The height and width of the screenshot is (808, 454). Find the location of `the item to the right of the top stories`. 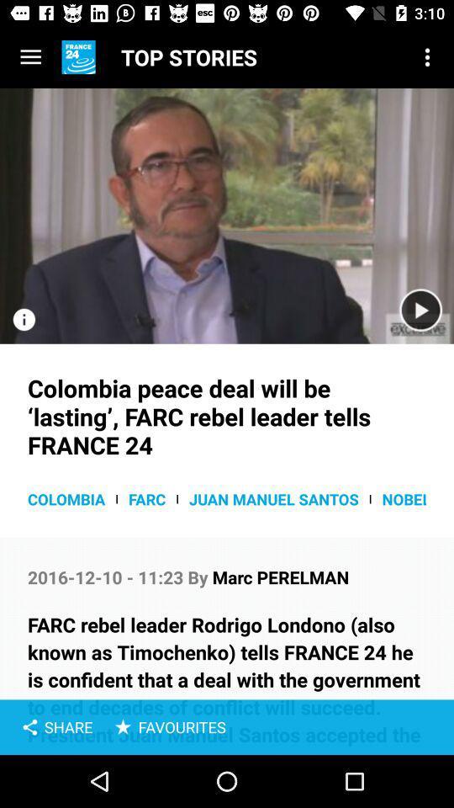

the item to the right of the top stories is located at coordinates (427, 57).